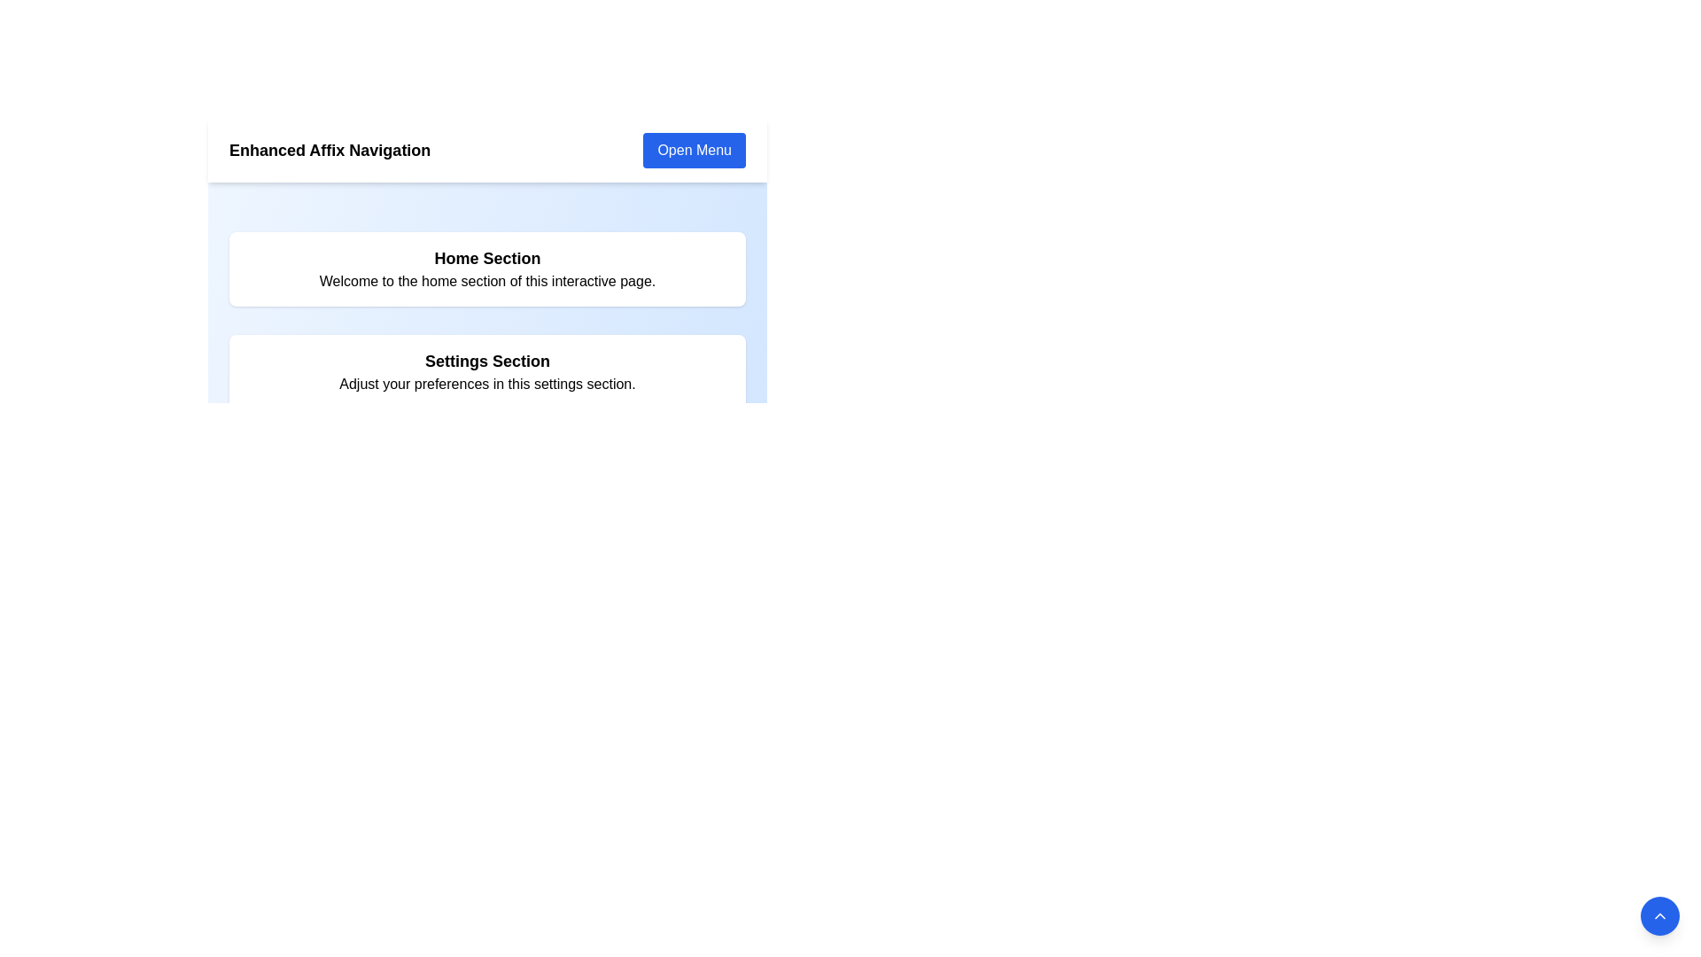 This screenshot has height=957, width=1701. Describe the element at coordinates (487, 371) in the screenshot. I see `the Informational card component that contains the text 'Settings Section' and 'Adjust your preferences in this settings section.'` at that location.